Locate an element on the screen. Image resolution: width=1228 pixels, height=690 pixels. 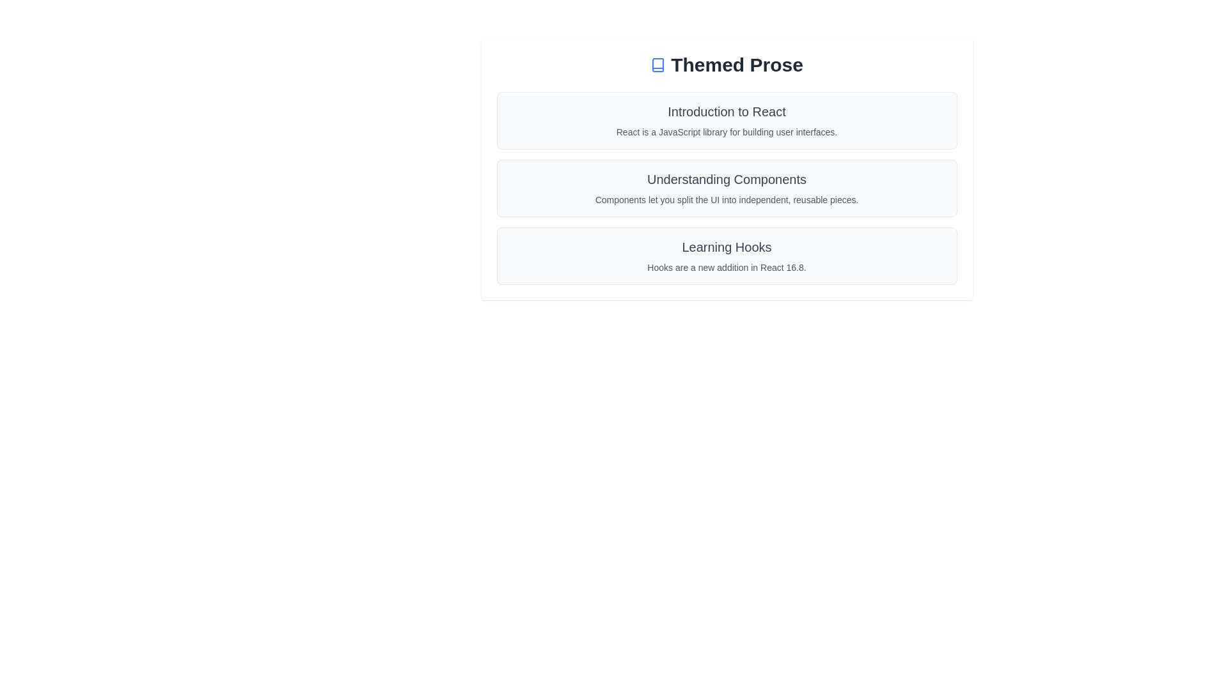
the informational card titled 'Learning Hooks' which contains the text 'Hooks are a new addition in React 16.8.' for navigation or interaction is located at coordinates (727, 256).